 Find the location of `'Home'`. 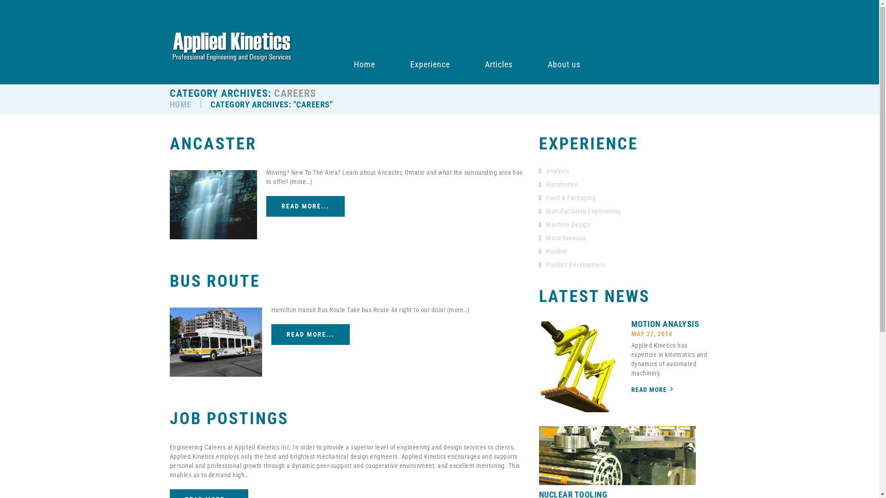

'Home' is located at coordinates (364, 64).